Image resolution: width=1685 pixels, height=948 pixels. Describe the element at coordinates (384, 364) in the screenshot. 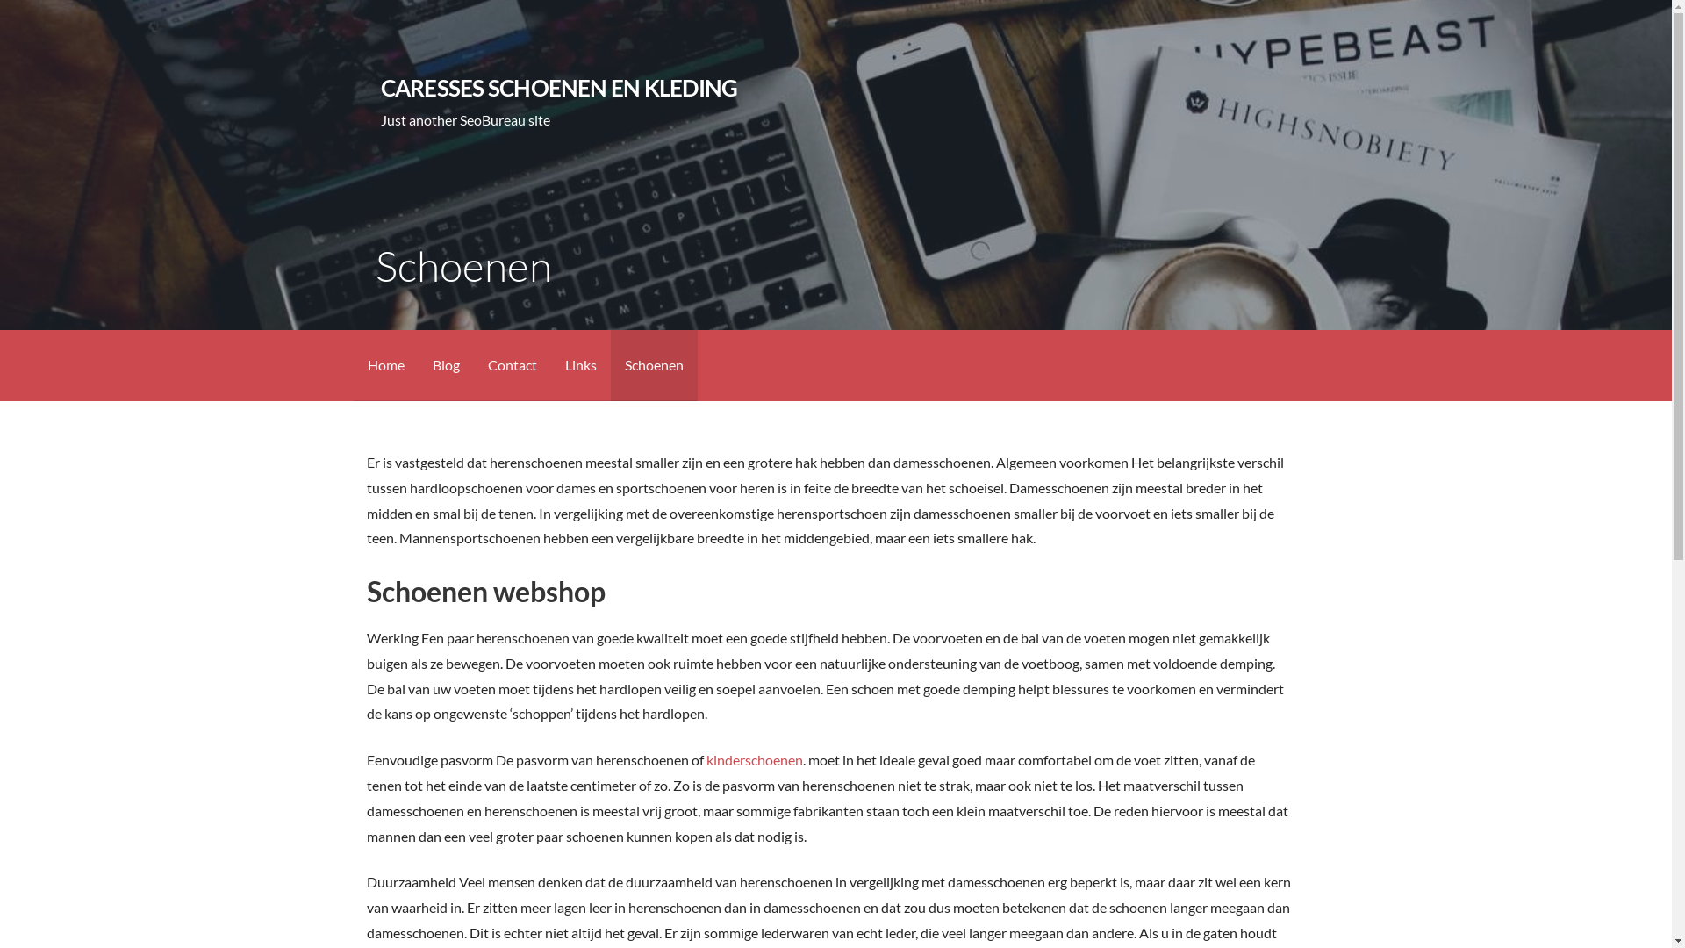

I see `'Home'` at that location.